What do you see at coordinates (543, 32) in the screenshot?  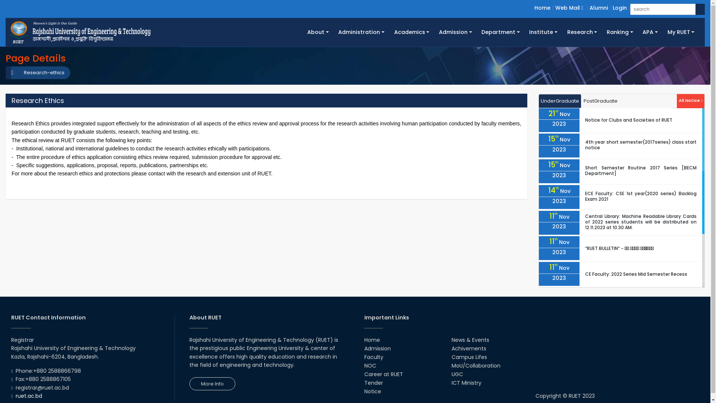 I see `'Institute'` at bounding box center [543, 32].